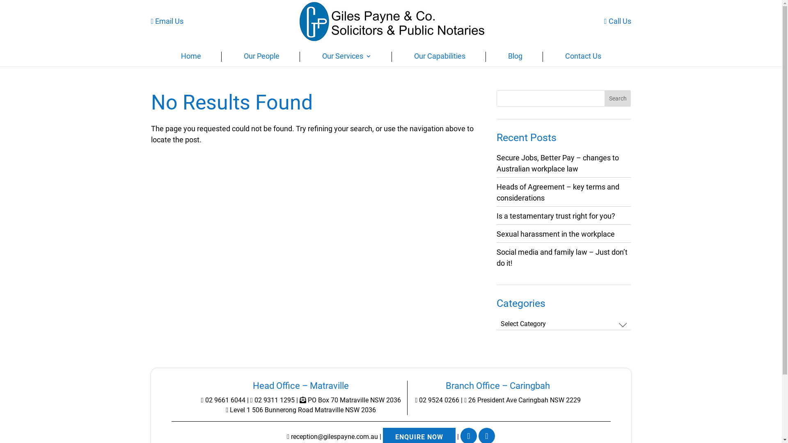 Image resolution: width=788 pixels, height=443 pixels. I want to click on 'Email Us', so click(167, 21).